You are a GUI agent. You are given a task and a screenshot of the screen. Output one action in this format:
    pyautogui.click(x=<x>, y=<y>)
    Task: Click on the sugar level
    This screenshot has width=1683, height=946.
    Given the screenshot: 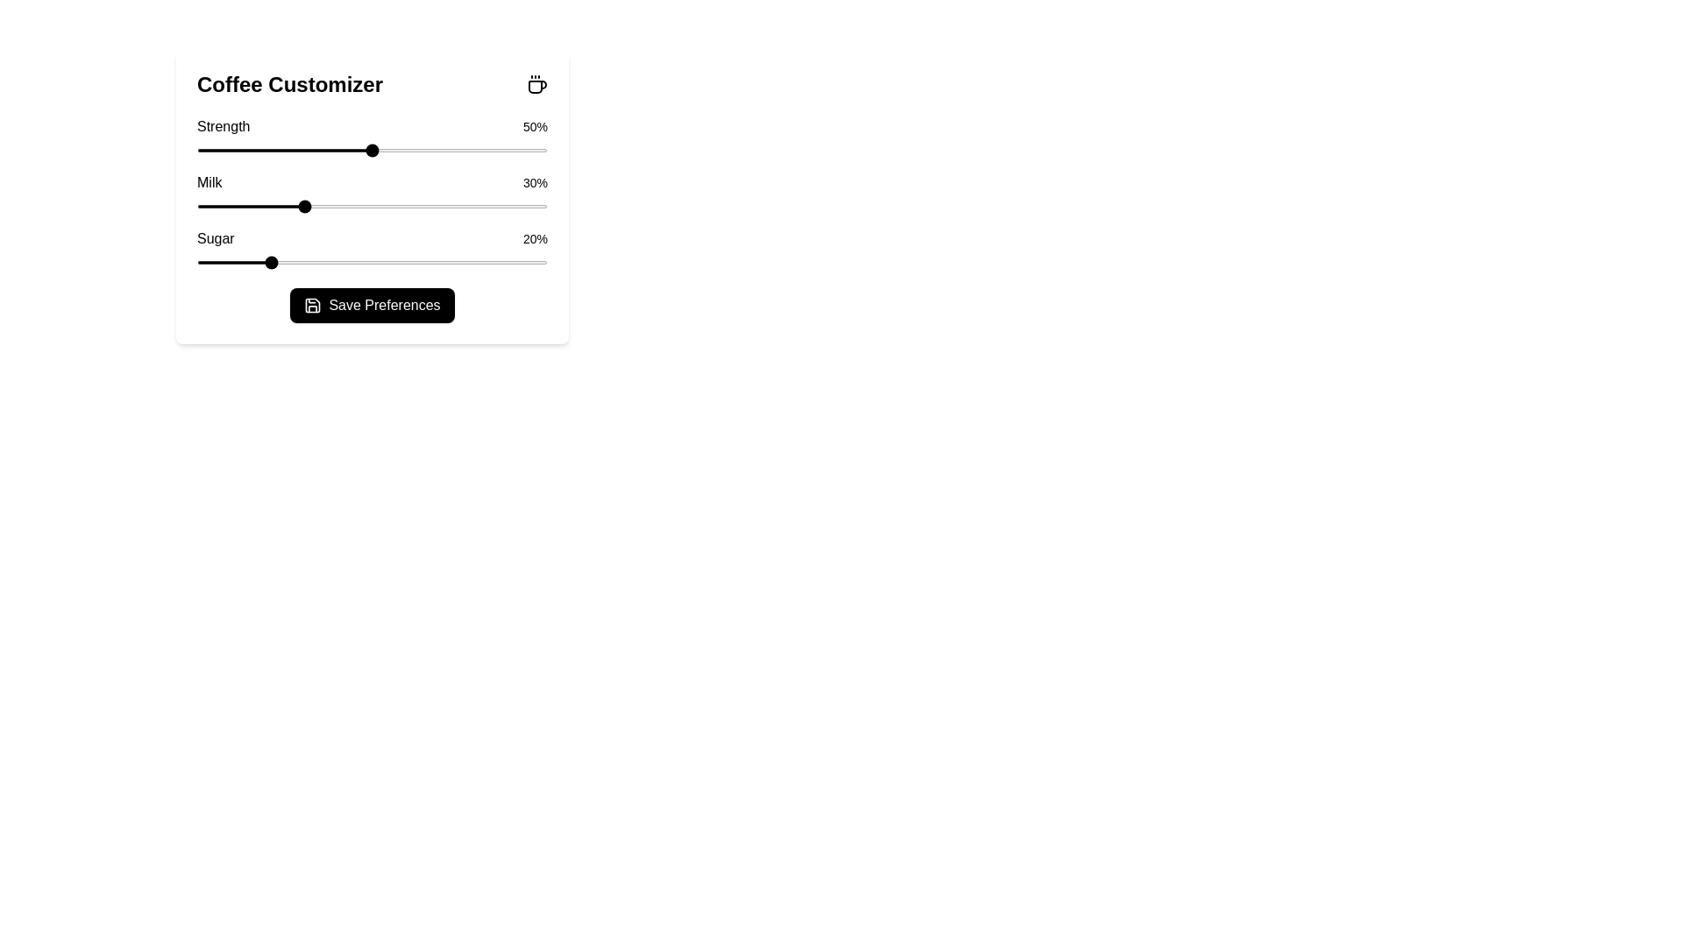 What is the action you would take?
    pyautogui.click(x=478, y=263)
    